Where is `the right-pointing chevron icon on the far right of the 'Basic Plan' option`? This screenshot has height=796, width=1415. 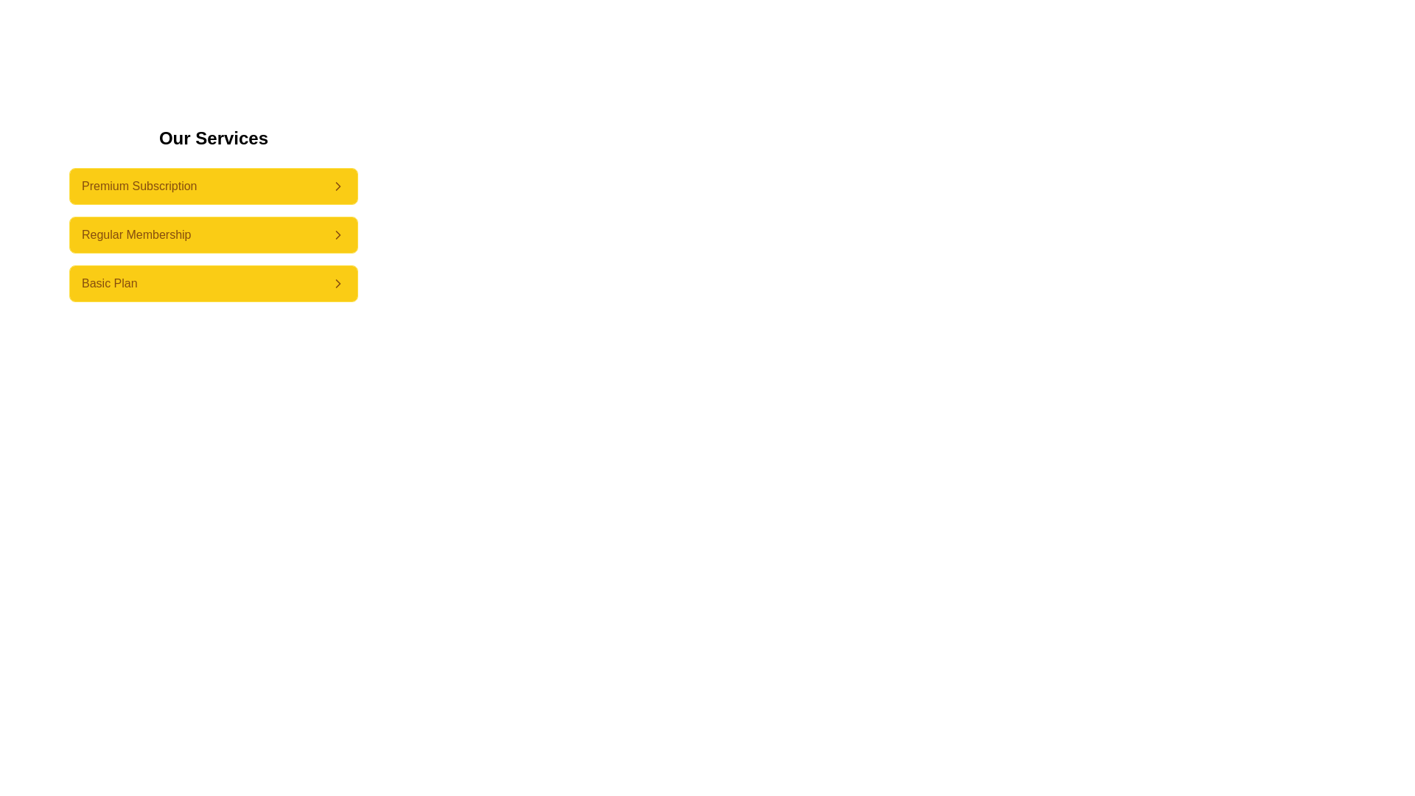 the right-pointing chevron icon on the far right of the 'Basic Plan' option is located at coordinates (338, 284).